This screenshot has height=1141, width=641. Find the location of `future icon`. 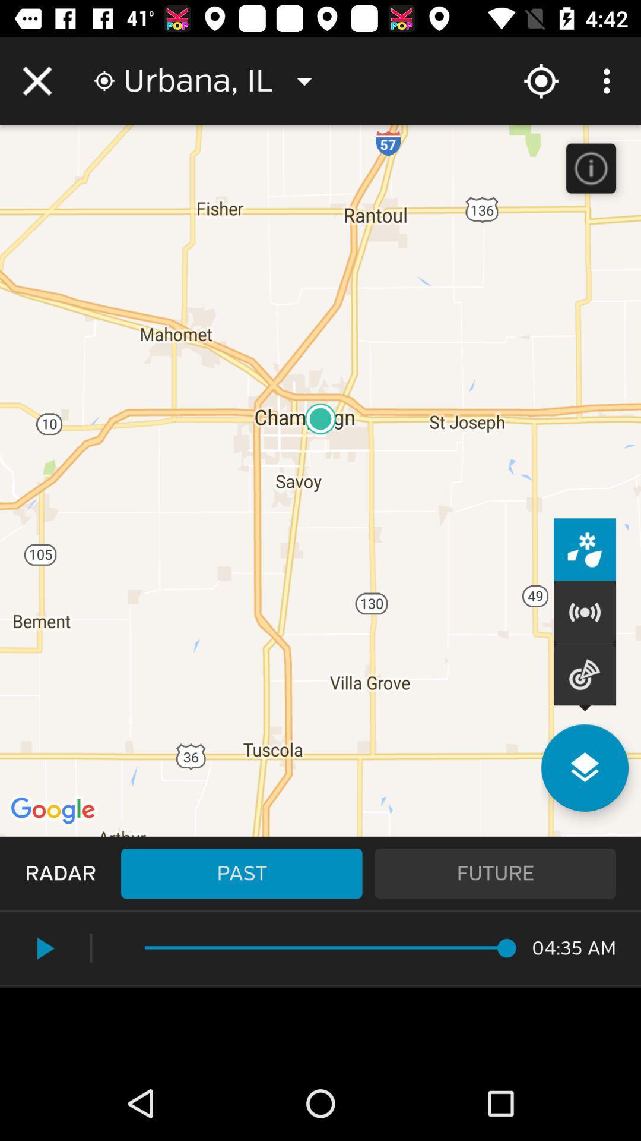

future icon is located at coordinates (495, 873).